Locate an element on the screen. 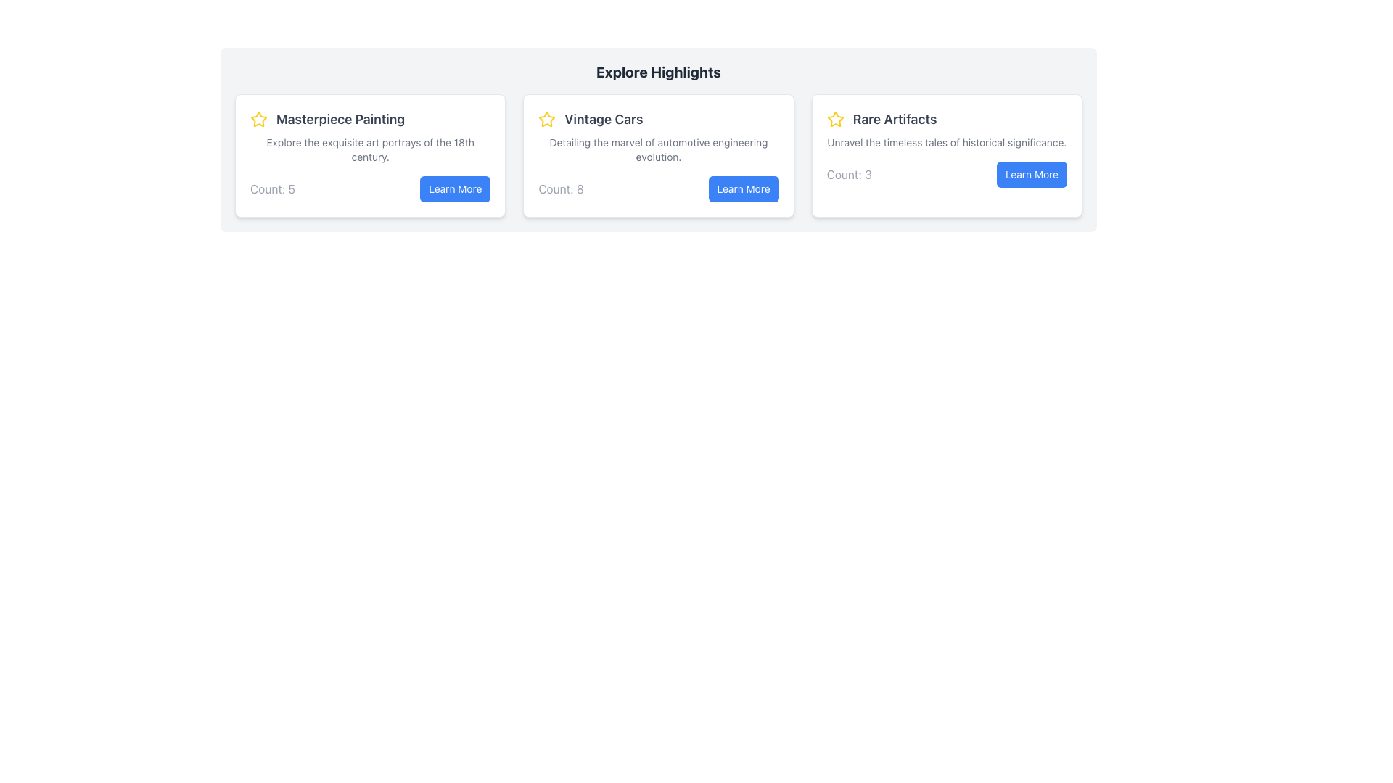 This screenshot has width=1393, height=783. the text block displaying the phrase 'Explore the exquisite art portrays of the 18th century', which is located at the center of the first card in a three-card layout is located at coordinates (370, 150).